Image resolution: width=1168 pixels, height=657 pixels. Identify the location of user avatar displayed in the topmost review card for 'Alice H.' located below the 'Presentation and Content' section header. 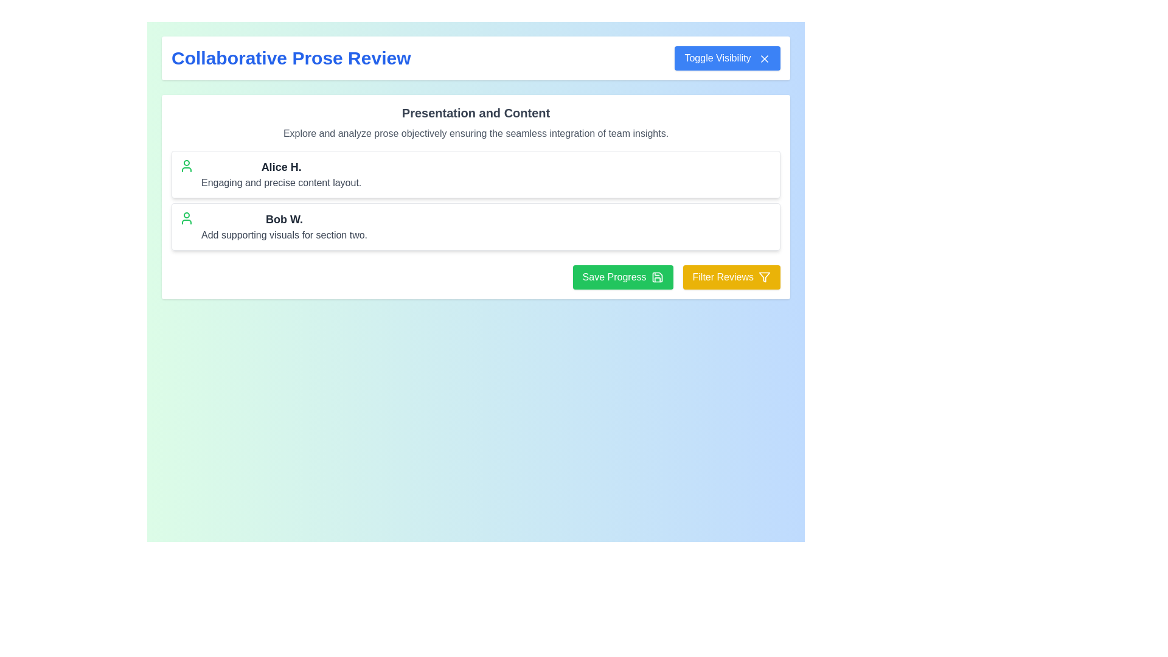
(475, 174).